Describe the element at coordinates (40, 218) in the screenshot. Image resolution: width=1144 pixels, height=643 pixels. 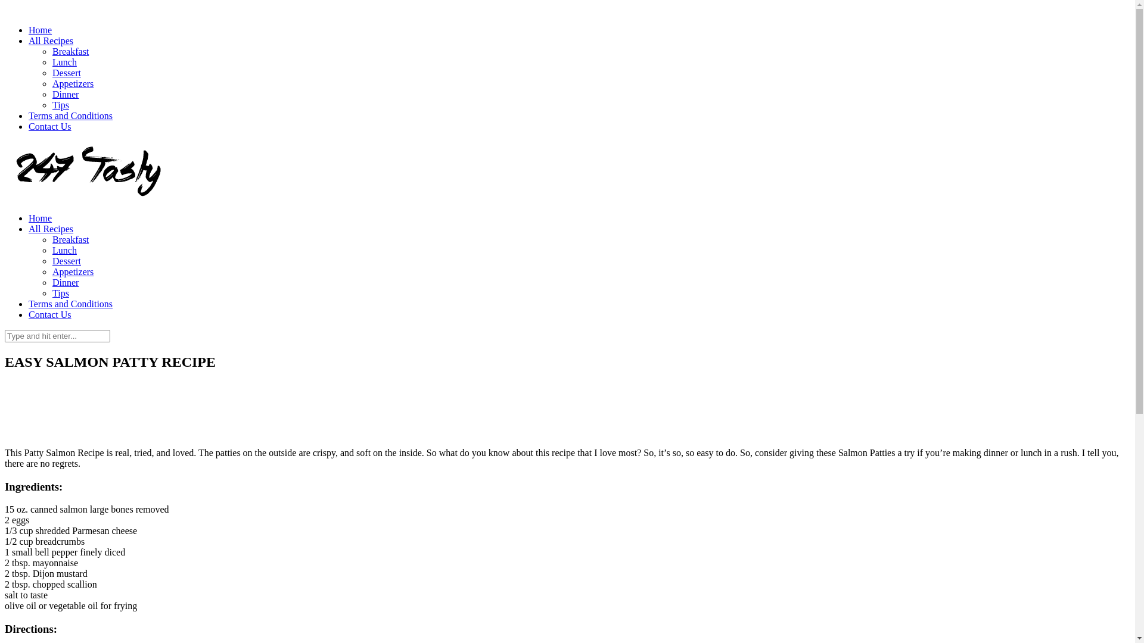
I see `'Home'` at that location.